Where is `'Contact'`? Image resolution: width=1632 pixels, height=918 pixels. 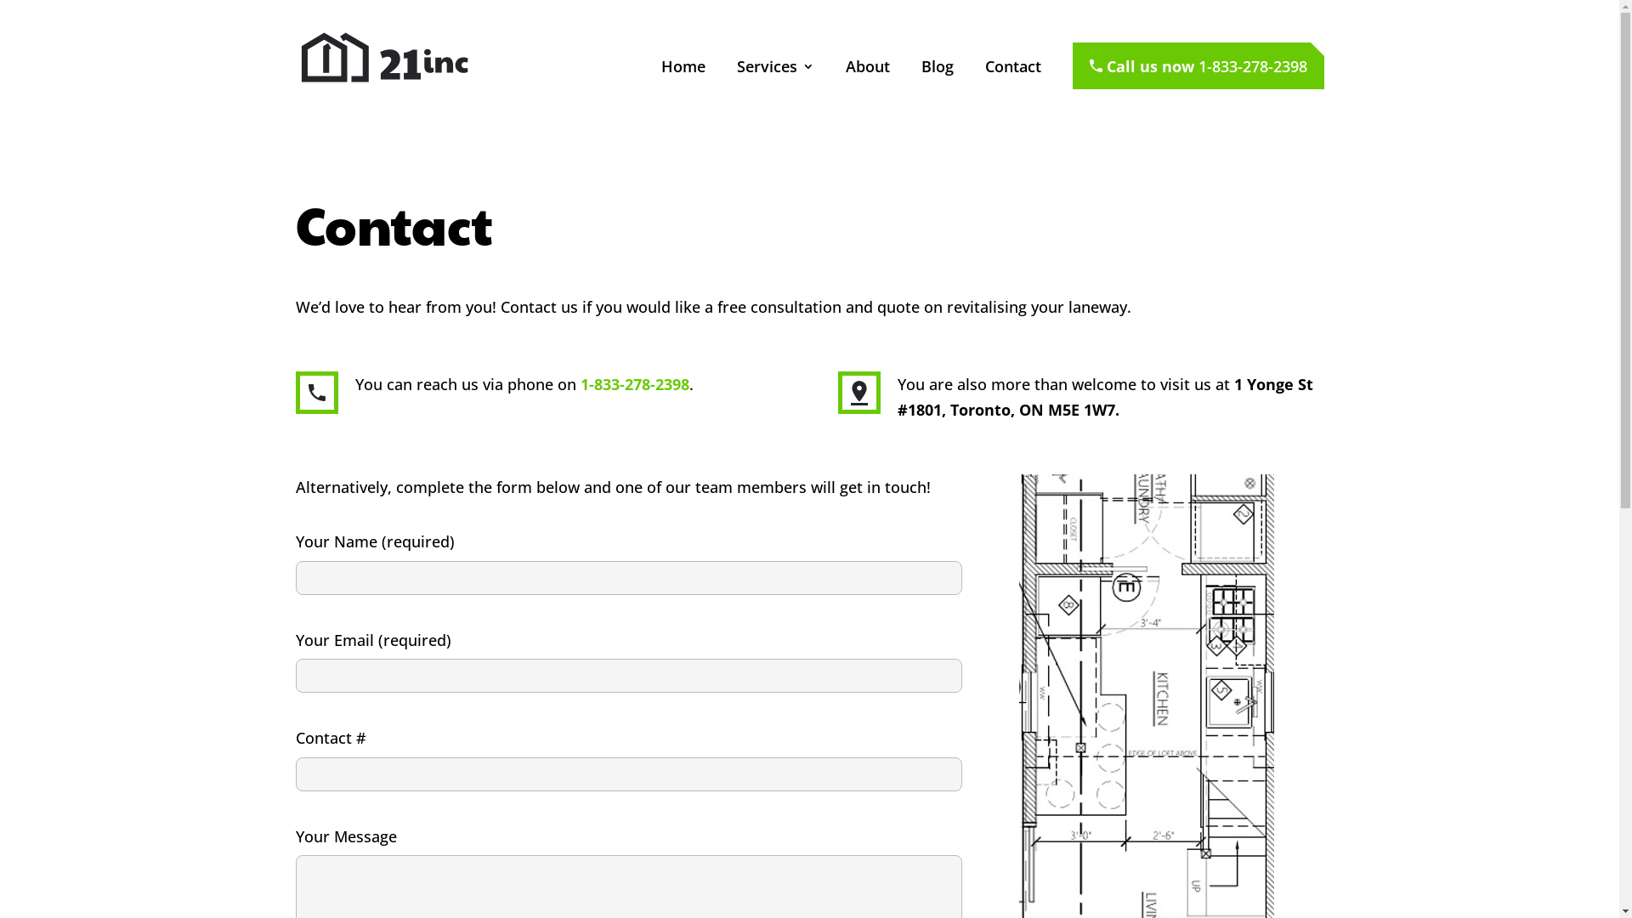 'Contact' is located at coordinates (1011, 88).